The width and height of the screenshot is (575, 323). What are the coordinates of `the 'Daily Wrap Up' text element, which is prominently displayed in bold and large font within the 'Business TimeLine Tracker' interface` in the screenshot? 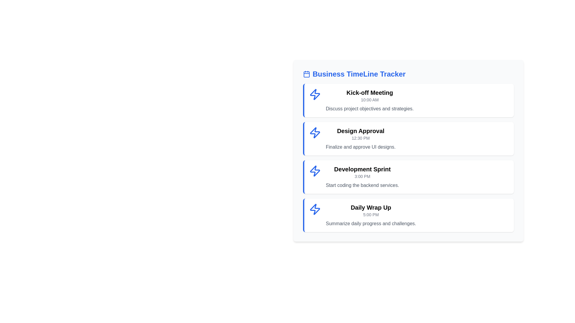 It's located at (370, 207).